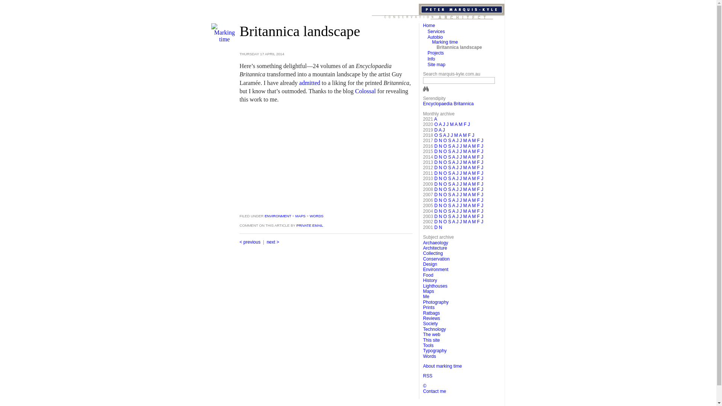  Describe the element at coordinates (423, 280) in the screenshot. I see `'History'` at that location.